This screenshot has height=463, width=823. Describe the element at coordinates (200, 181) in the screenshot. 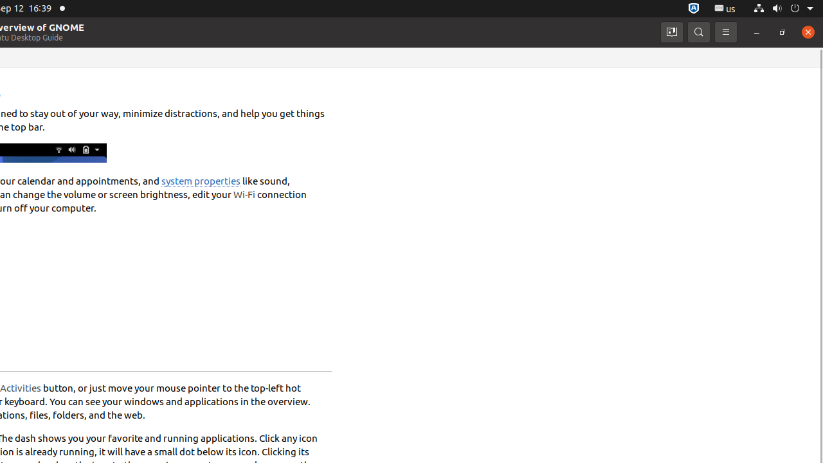

I see `'system properties'` at that location.